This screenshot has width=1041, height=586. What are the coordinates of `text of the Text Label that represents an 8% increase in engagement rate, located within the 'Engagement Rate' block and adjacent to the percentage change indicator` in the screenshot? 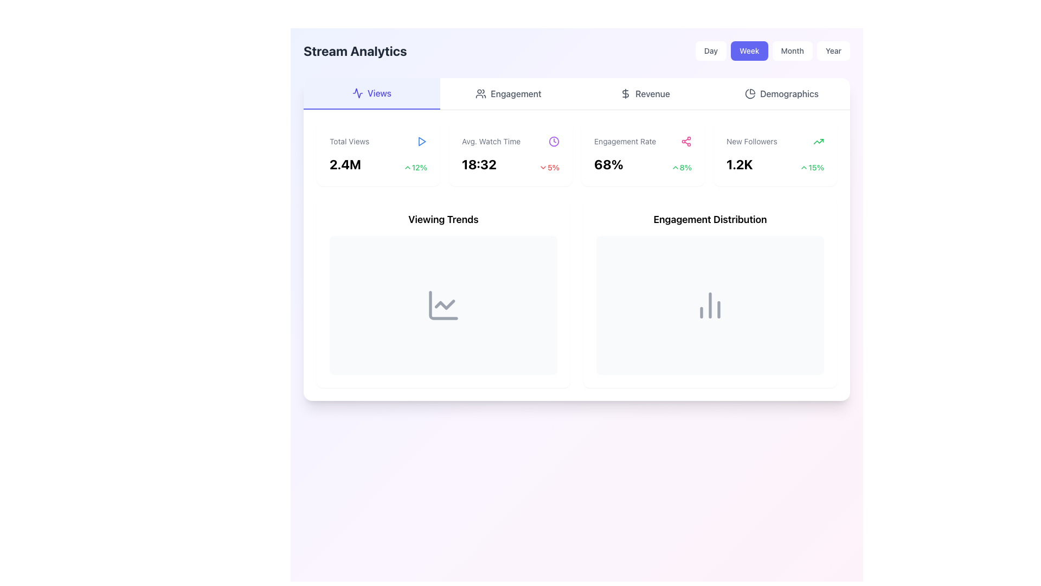 It's located at (685, 167).